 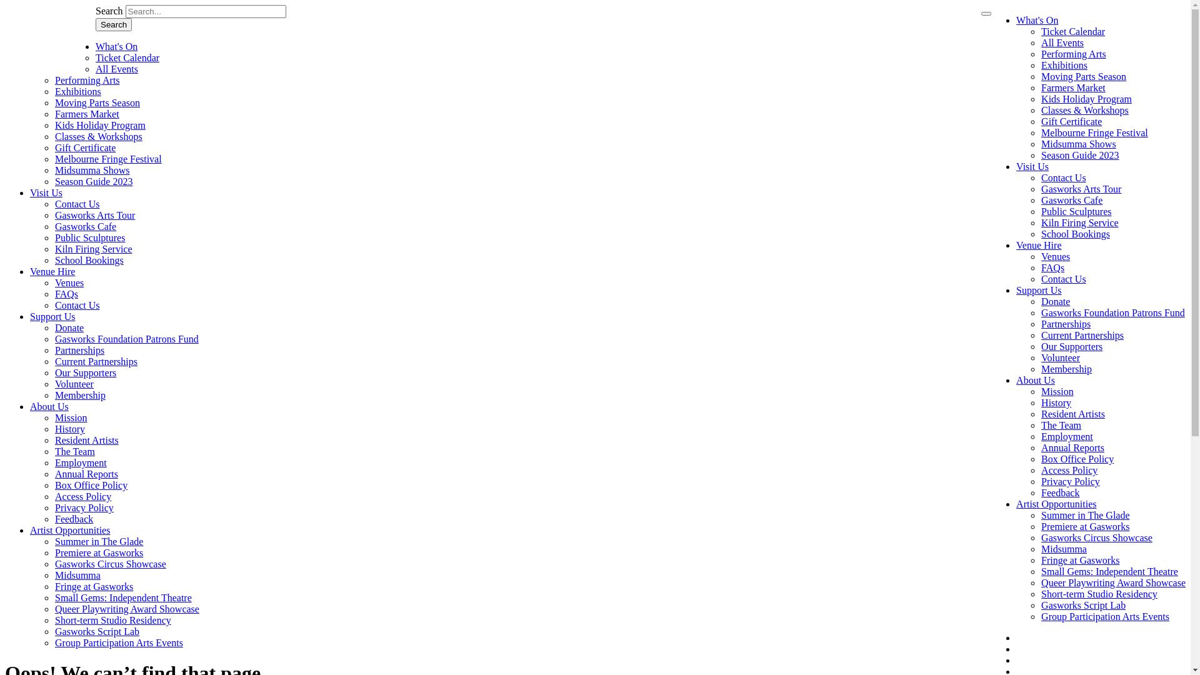 What do you see at coordinates (1105, 616) in the screenshot?
I see `'Group Participation Arts Events'` at bounding box center [1105, 616].